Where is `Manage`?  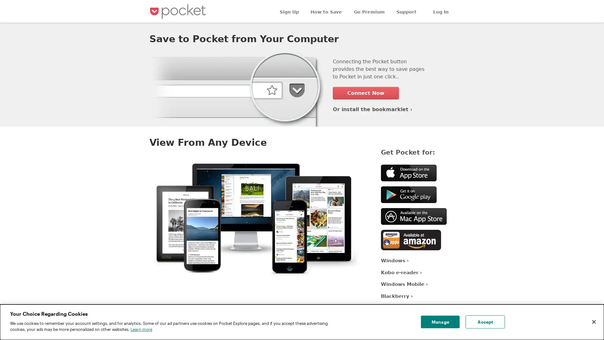
Manage is located at coordinates (440, 322).